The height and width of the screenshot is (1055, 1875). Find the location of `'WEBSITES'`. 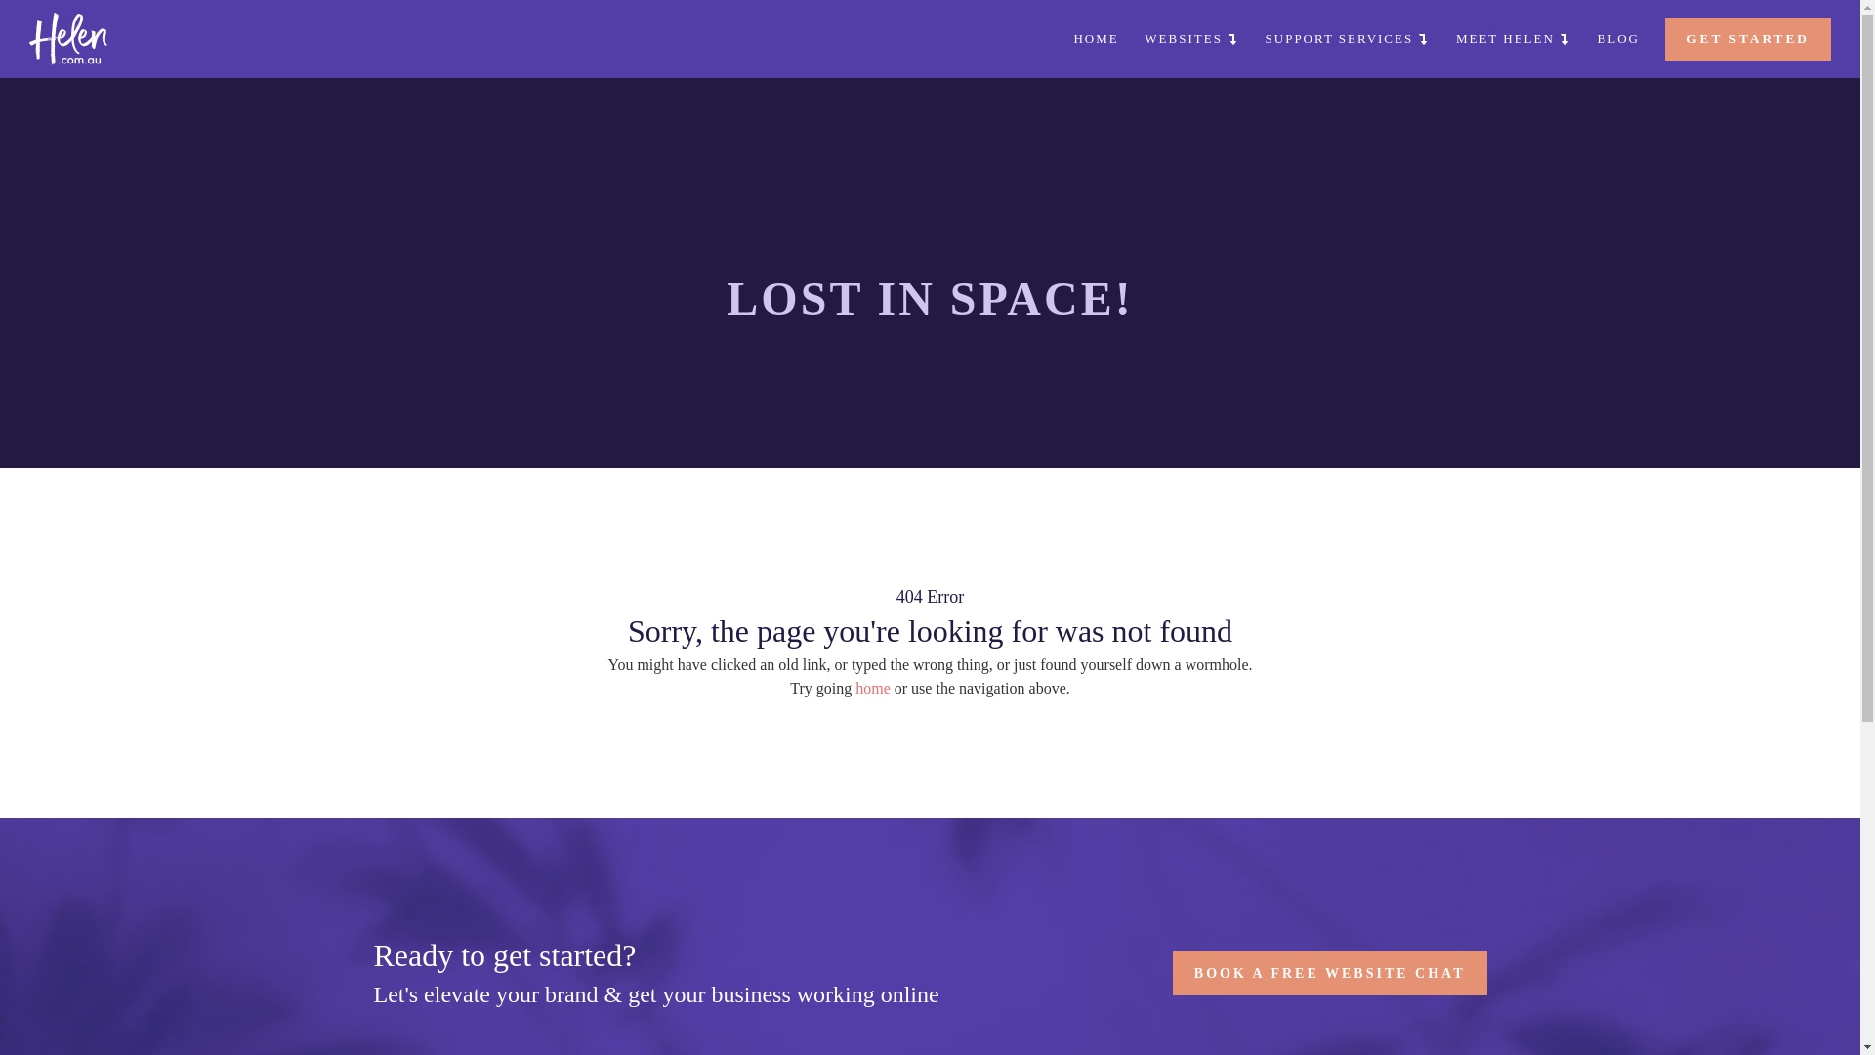

'WEBSITES' is located at coordinates (1231, 38).